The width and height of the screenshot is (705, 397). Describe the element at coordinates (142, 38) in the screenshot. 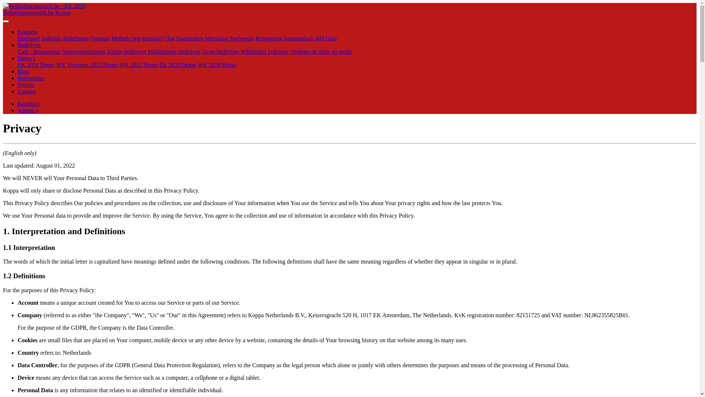

I see `'Huisstijl'` at that location.